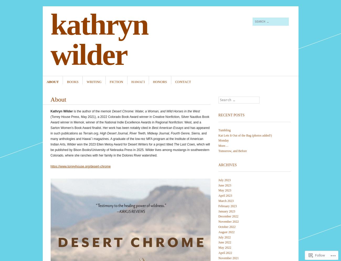 The width and height of the screenshot is (341, 261). What do you see at coordinates (80, 166) in the screenshot?
I see `'https://www.torreyhouse.org/desert-chrome'` at bounding box center [80, 166].